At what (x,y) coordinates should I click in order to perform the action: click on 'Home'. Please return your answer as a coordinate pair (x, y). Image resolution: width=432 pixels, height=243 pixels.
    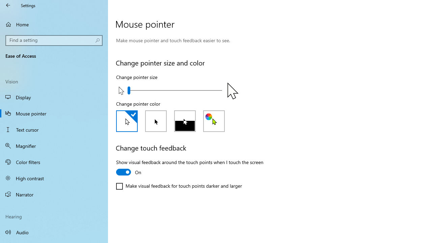
    Looking at the image, I should click on (54, 24).